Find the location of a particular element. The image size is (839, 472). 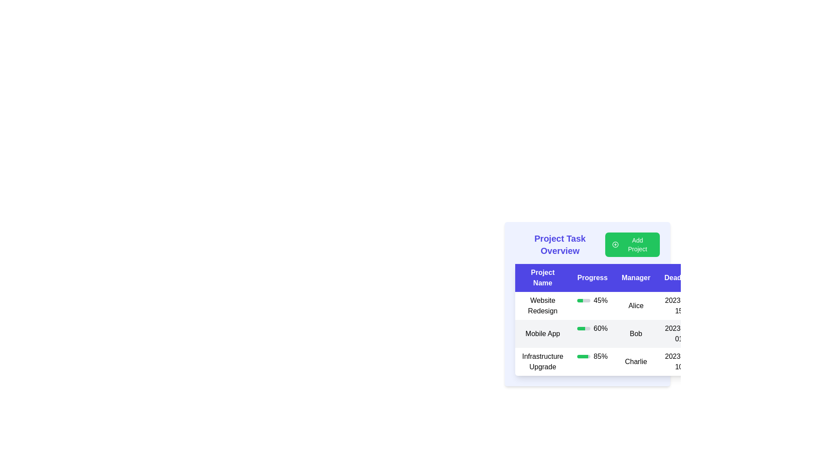

the progress bar located in the 'Mobile App' row under the 'Progress' column of the table, which shows 60% completion and is positioned to the left of the text 'Bob' is located at coordinates (592, 329).